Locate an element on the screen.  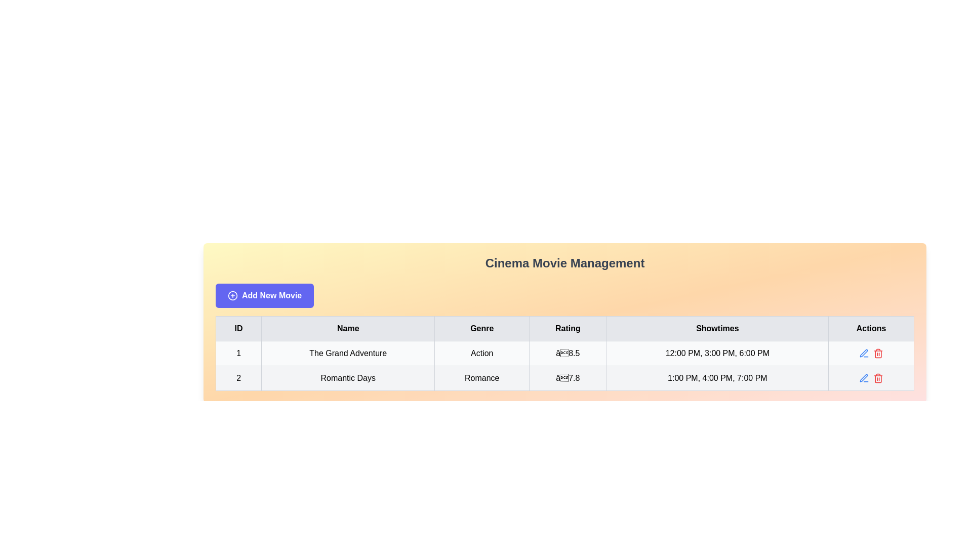
the red delete icon in the action set for removing the movie 'Romantic Days' is located at coordinates (871, 353).